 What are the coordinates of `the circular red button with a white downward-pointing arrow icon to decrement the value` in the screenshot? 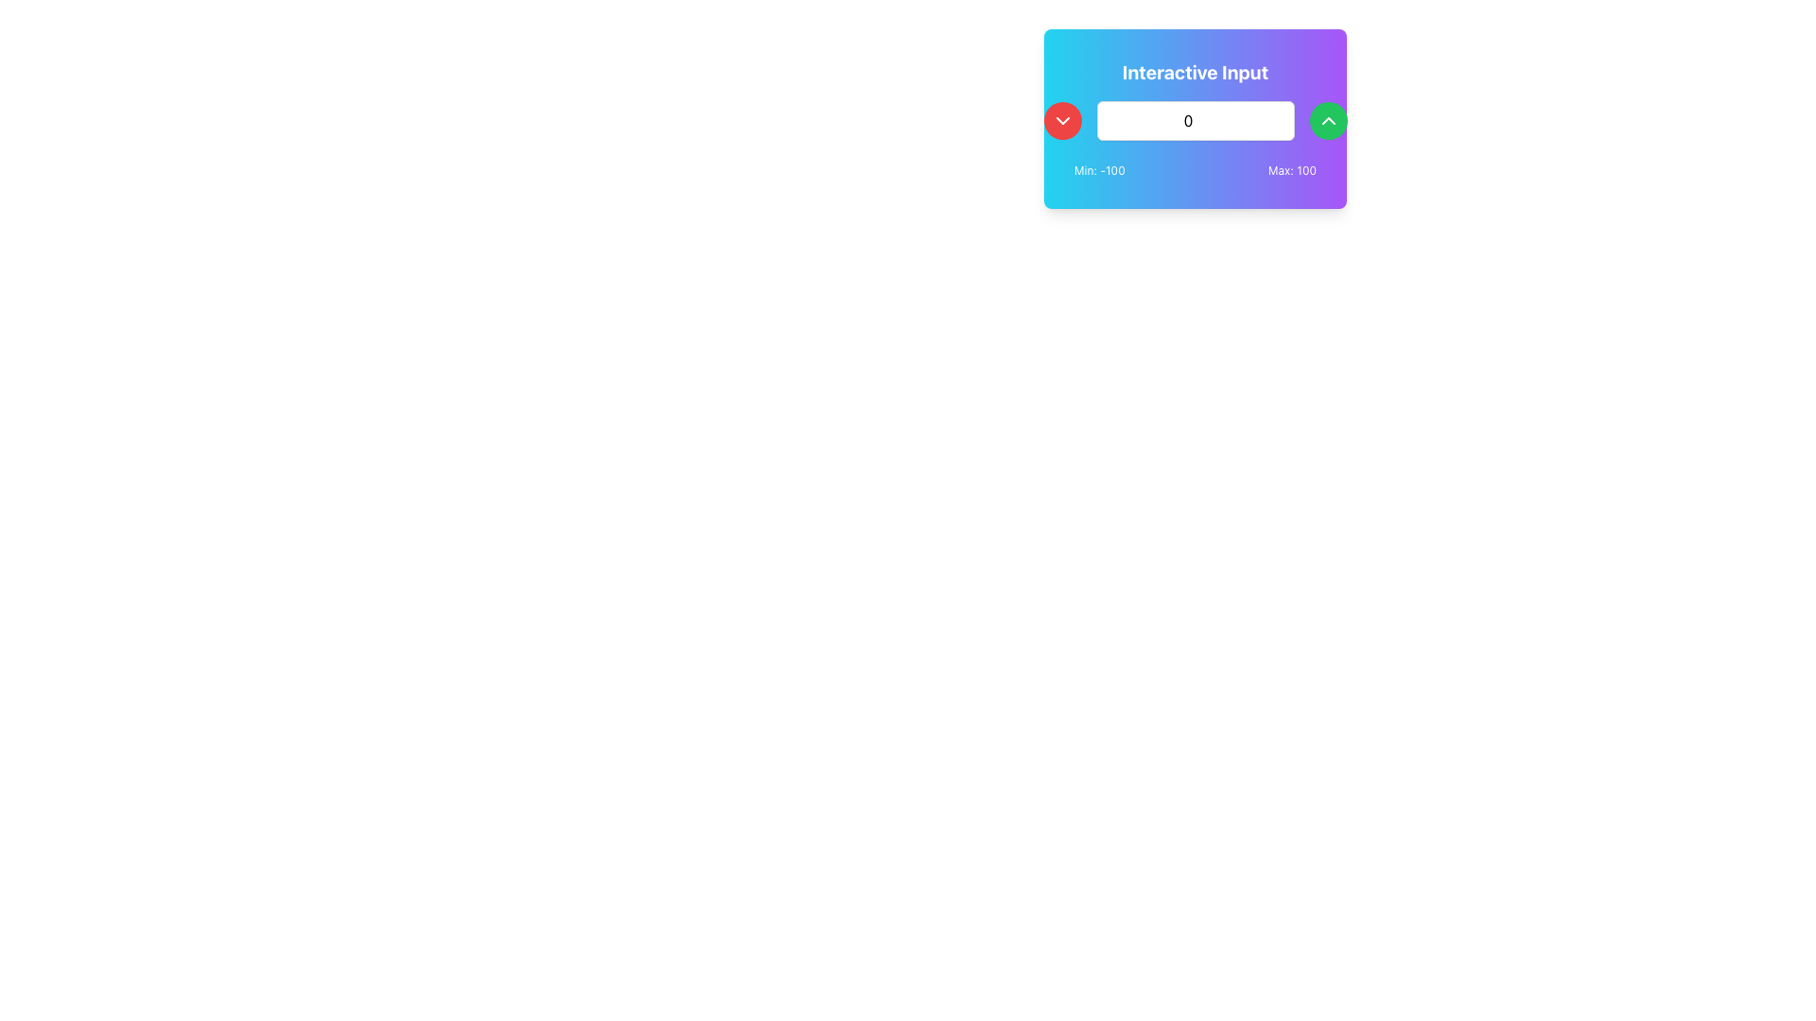 It's located at (1062, 120).